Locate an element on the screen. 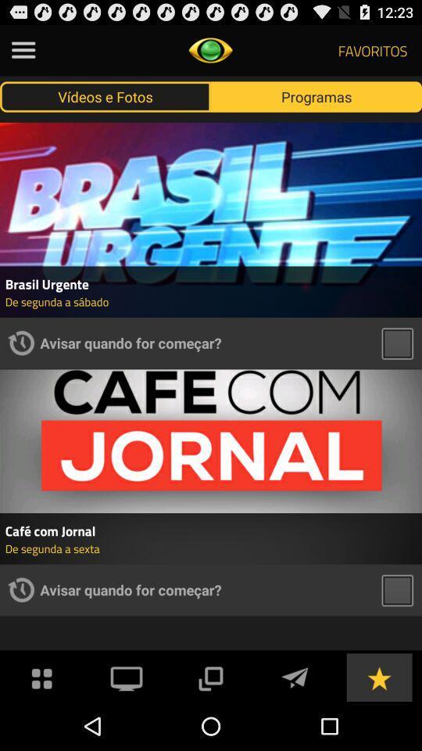 This screenshot has width=422, height=751. app above the de segunda a app is located at coordinates (211, 530).